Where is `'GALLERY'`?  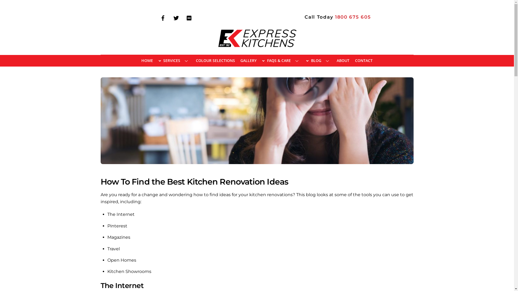
'GALLERY' is located at coordinates (248, 60).